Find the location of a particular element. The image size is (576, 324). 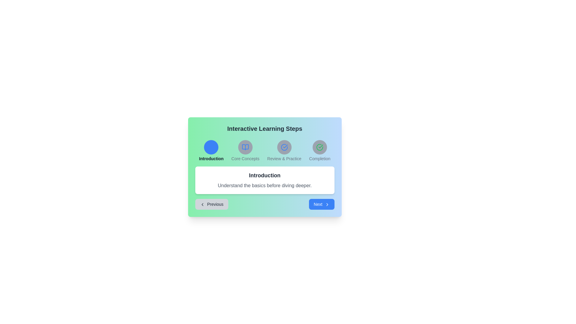

the 'Previous' button, which is a rectangular button with a light gray background and dark gray text, located at the bottom-right corner of the interface is located at coordinates (211, 204).